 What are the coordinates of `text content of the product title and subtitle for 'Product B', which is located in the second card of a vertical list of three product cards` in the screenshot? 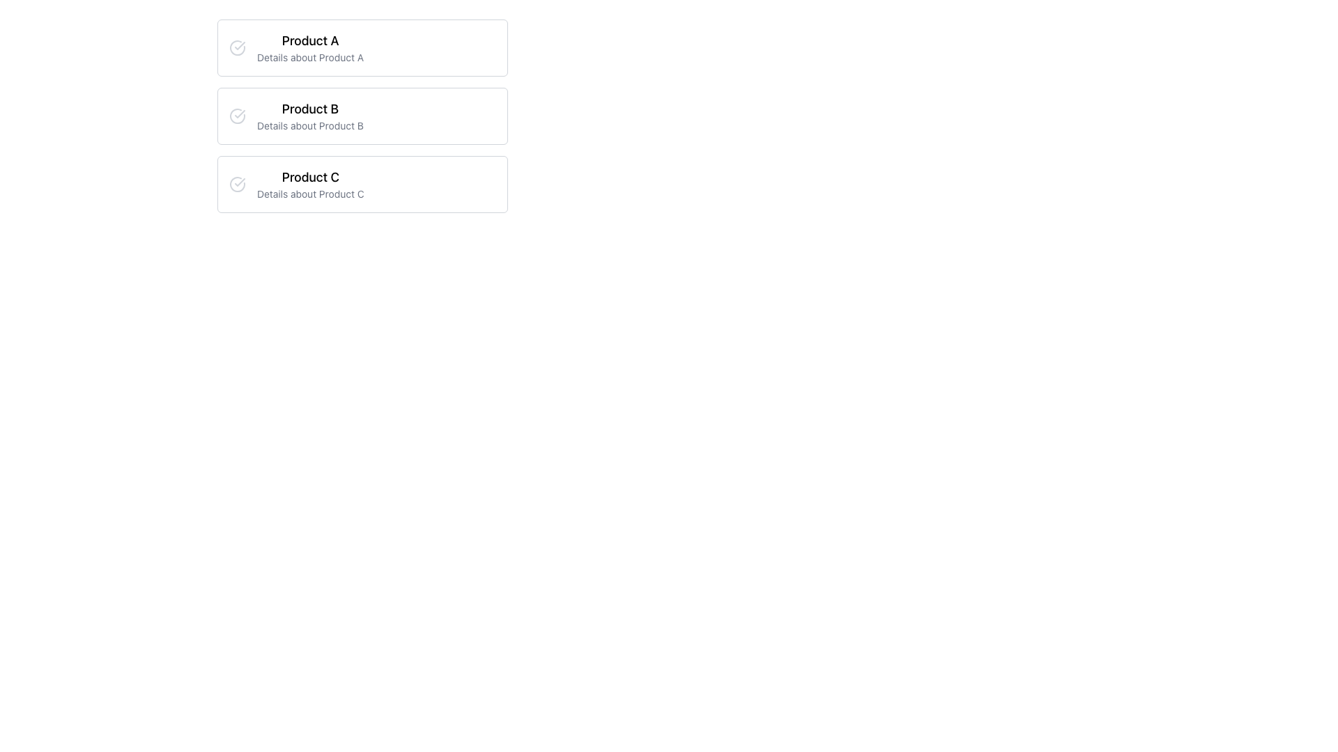 It's located at (309, 115).